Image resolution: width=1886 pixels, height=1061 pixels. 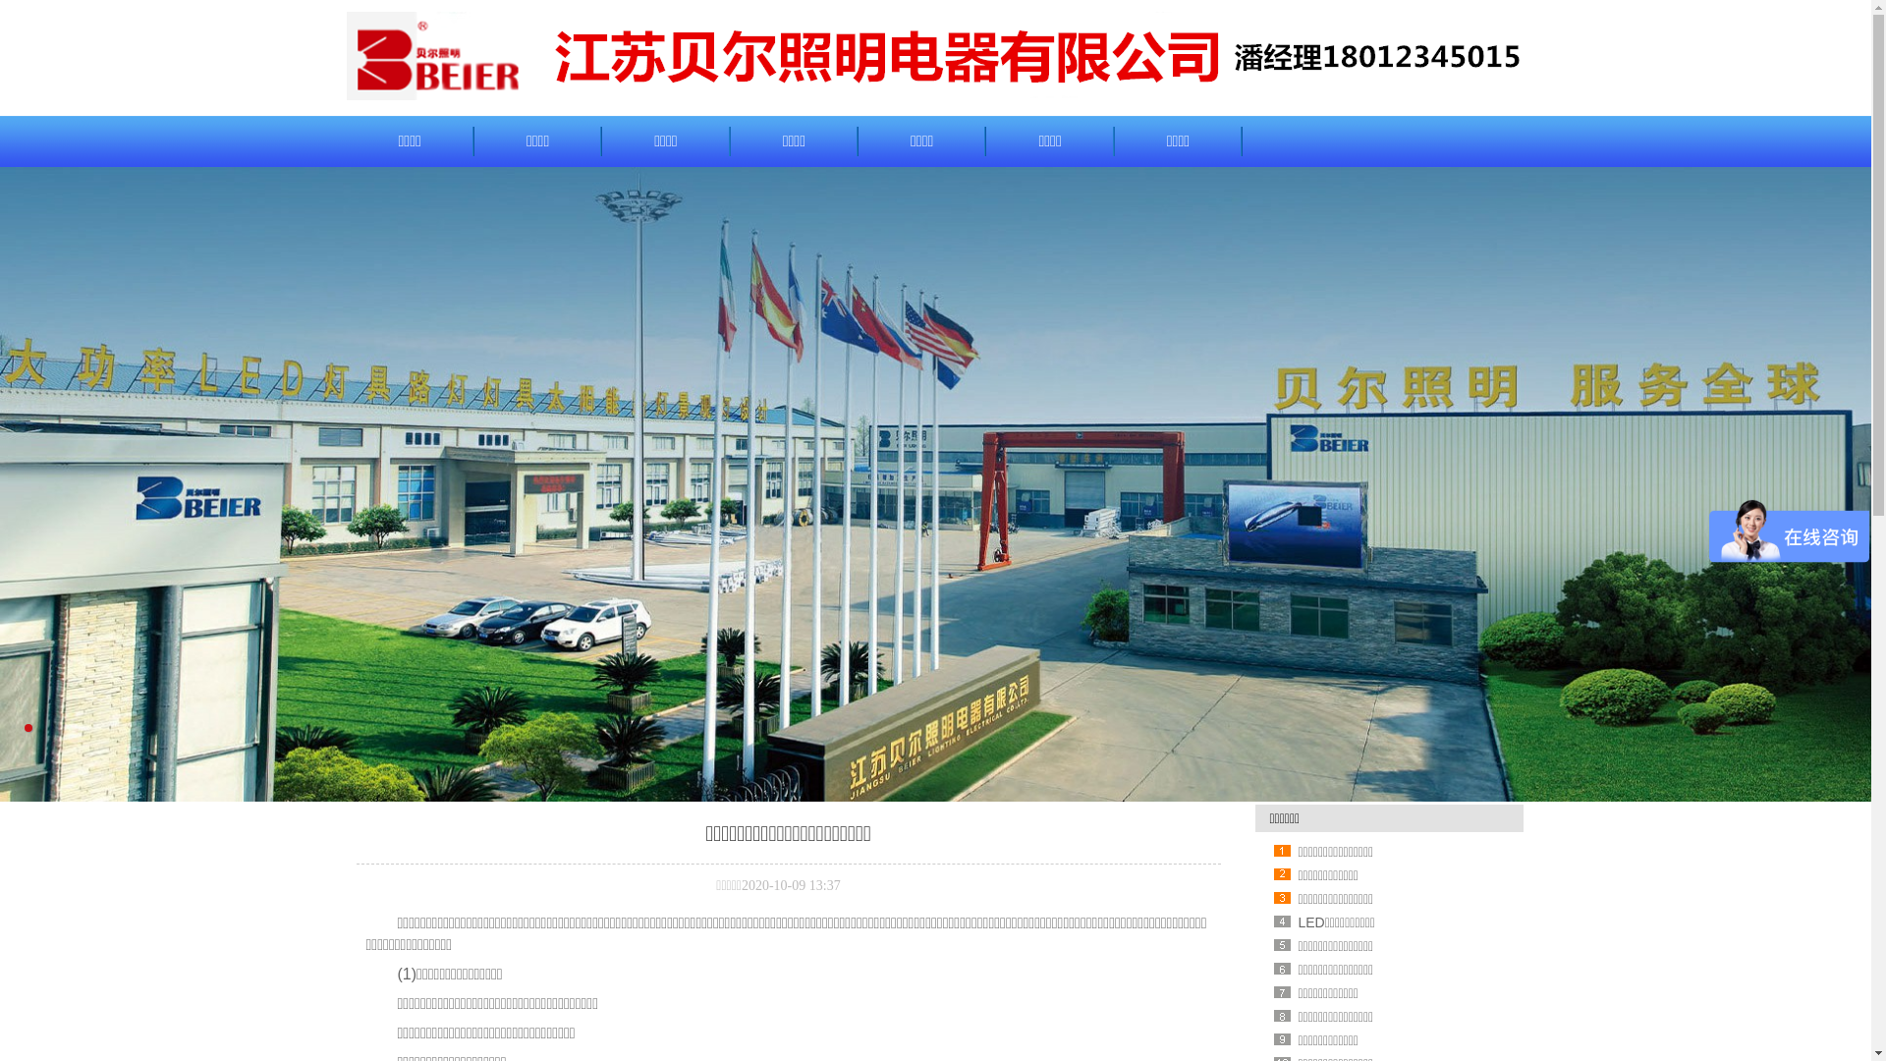 What do you see at coordinates (934, 484) in the screenshot?
I see `'banner'` at bounding box center [934, 484].